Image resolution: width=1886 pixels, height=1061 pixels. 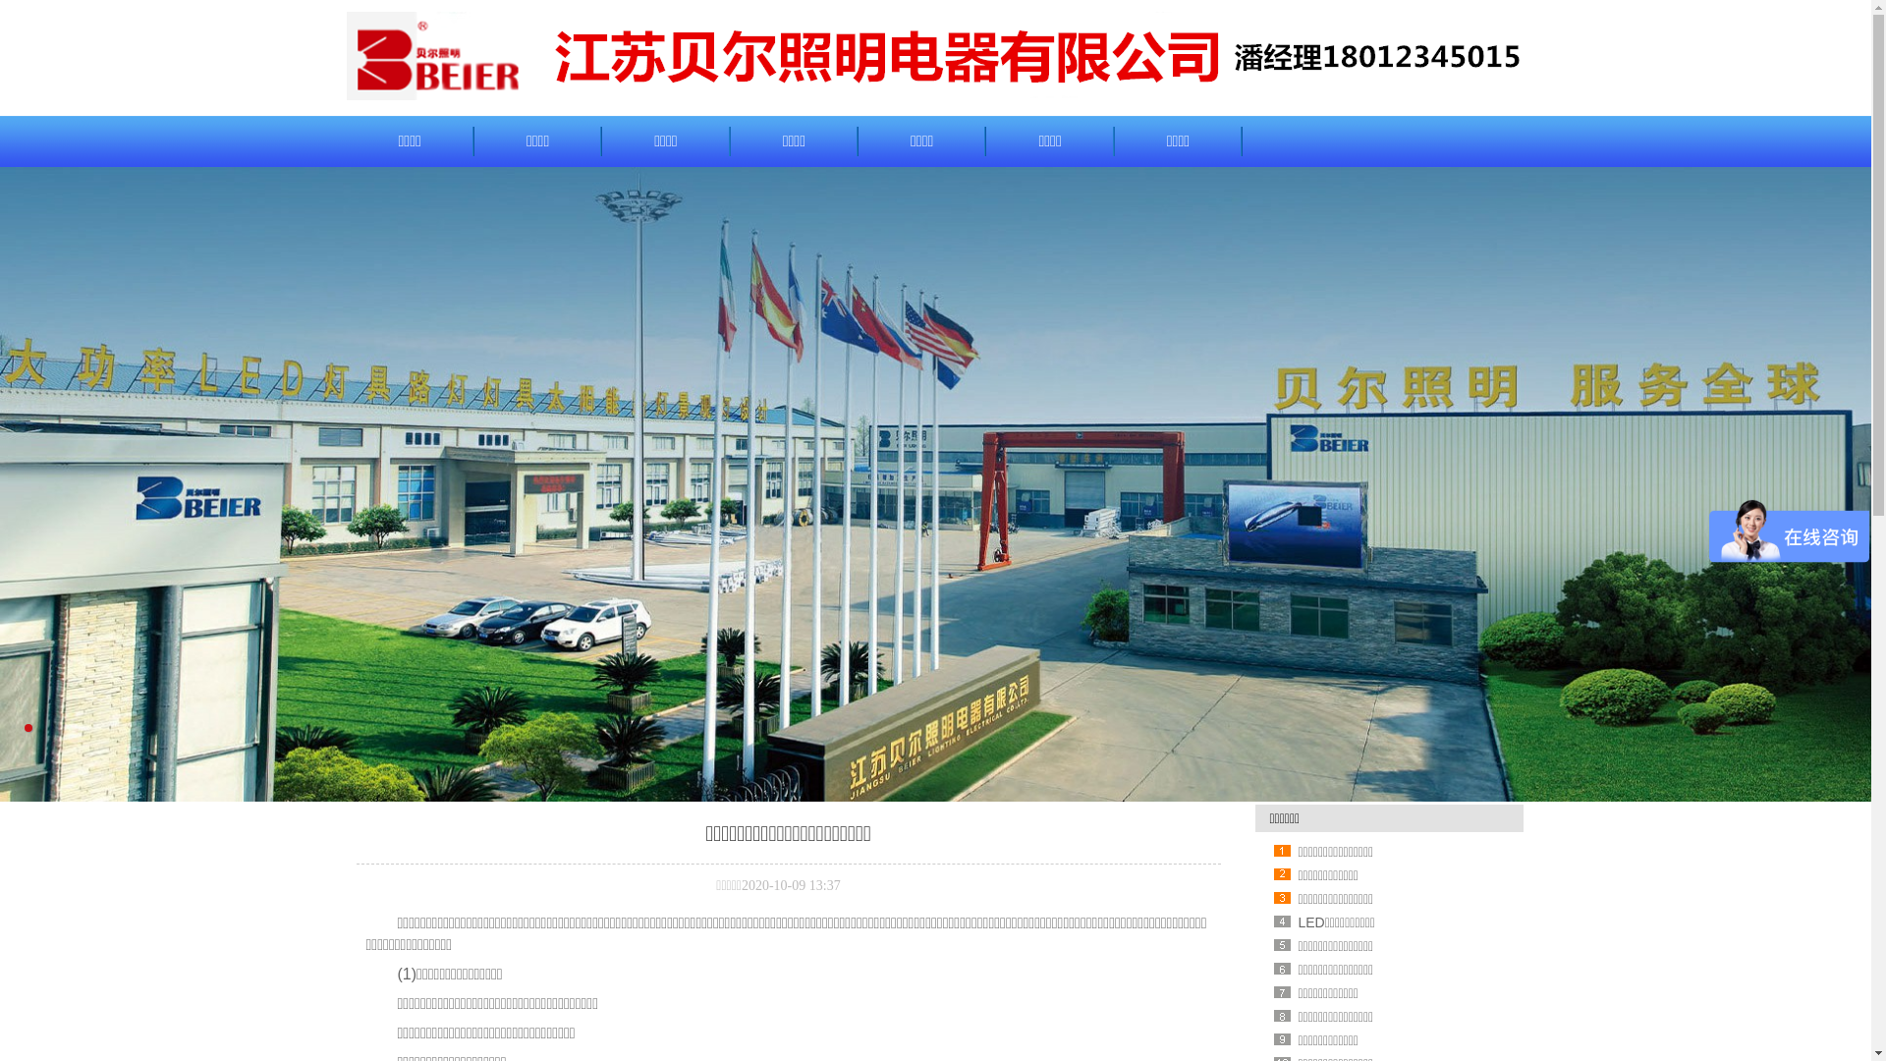 What do you see at coordinates (934, 484) in the screenshot?
I see `'banner'` at bounding box center [934, 484].